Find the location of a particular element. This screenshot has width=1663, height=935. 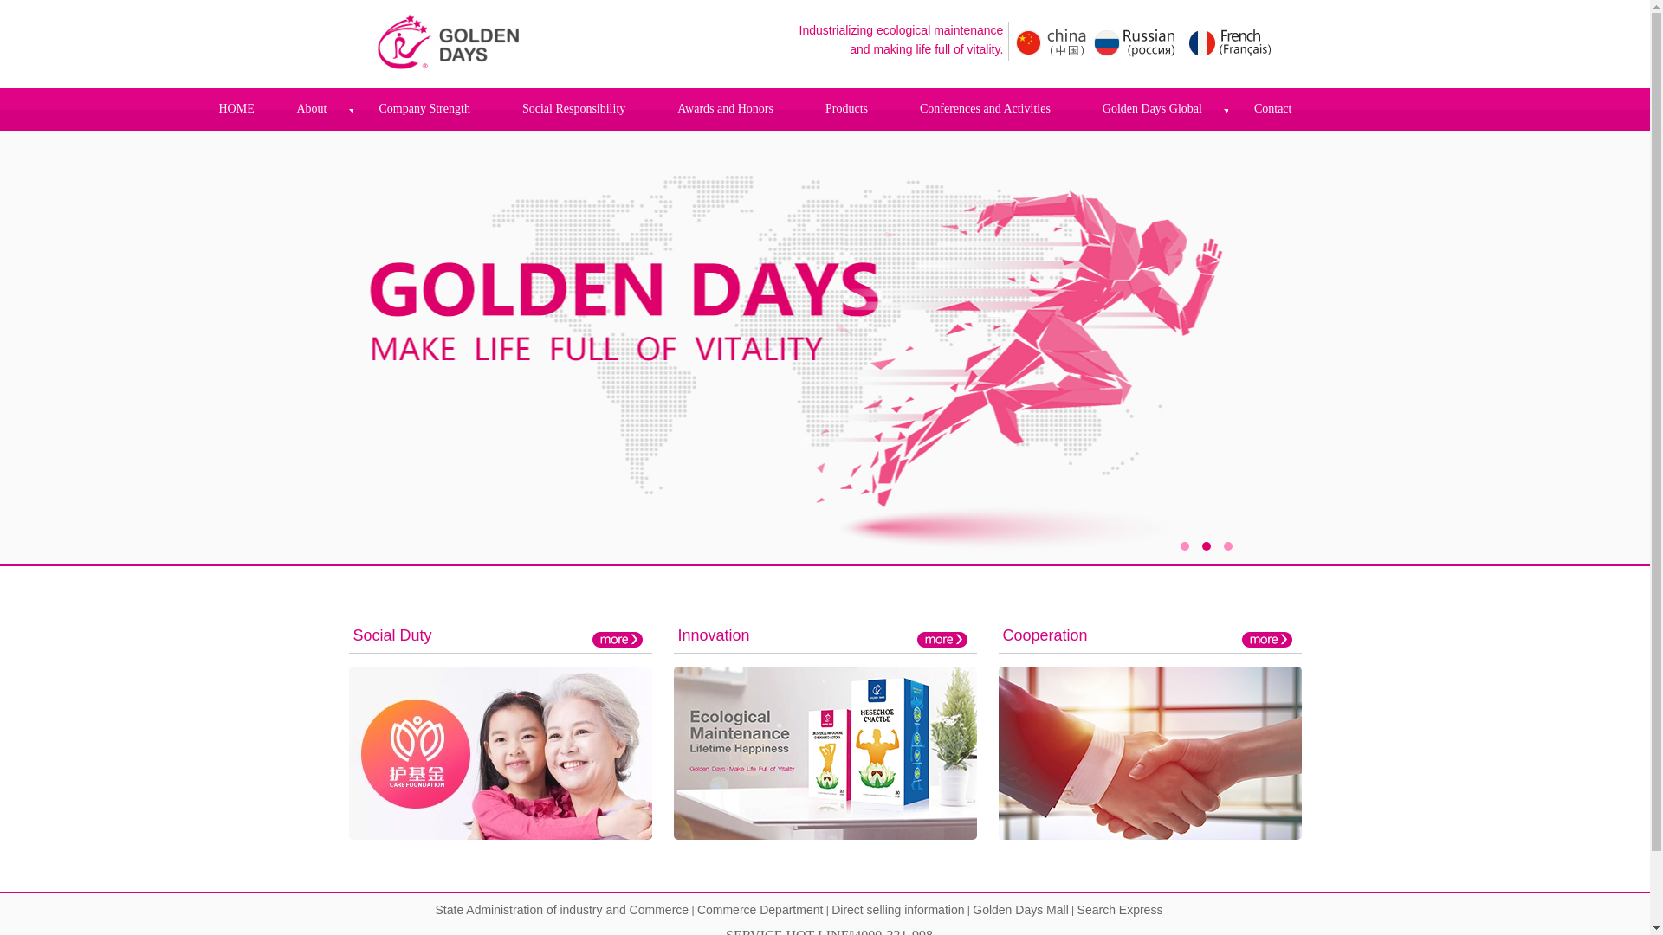

'Products' is located at coordinates (846, 109).